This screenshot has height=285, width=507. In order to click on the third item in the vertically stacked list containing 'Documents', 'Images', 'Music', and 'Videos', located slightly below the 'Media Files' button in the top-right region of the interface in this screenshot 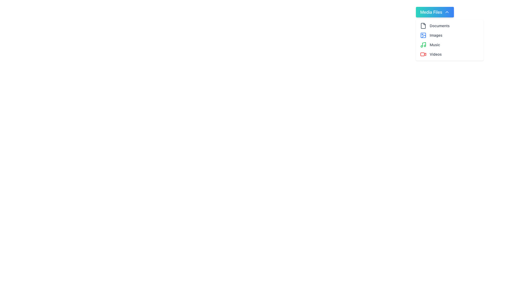, I will do `click(449, 40)`.